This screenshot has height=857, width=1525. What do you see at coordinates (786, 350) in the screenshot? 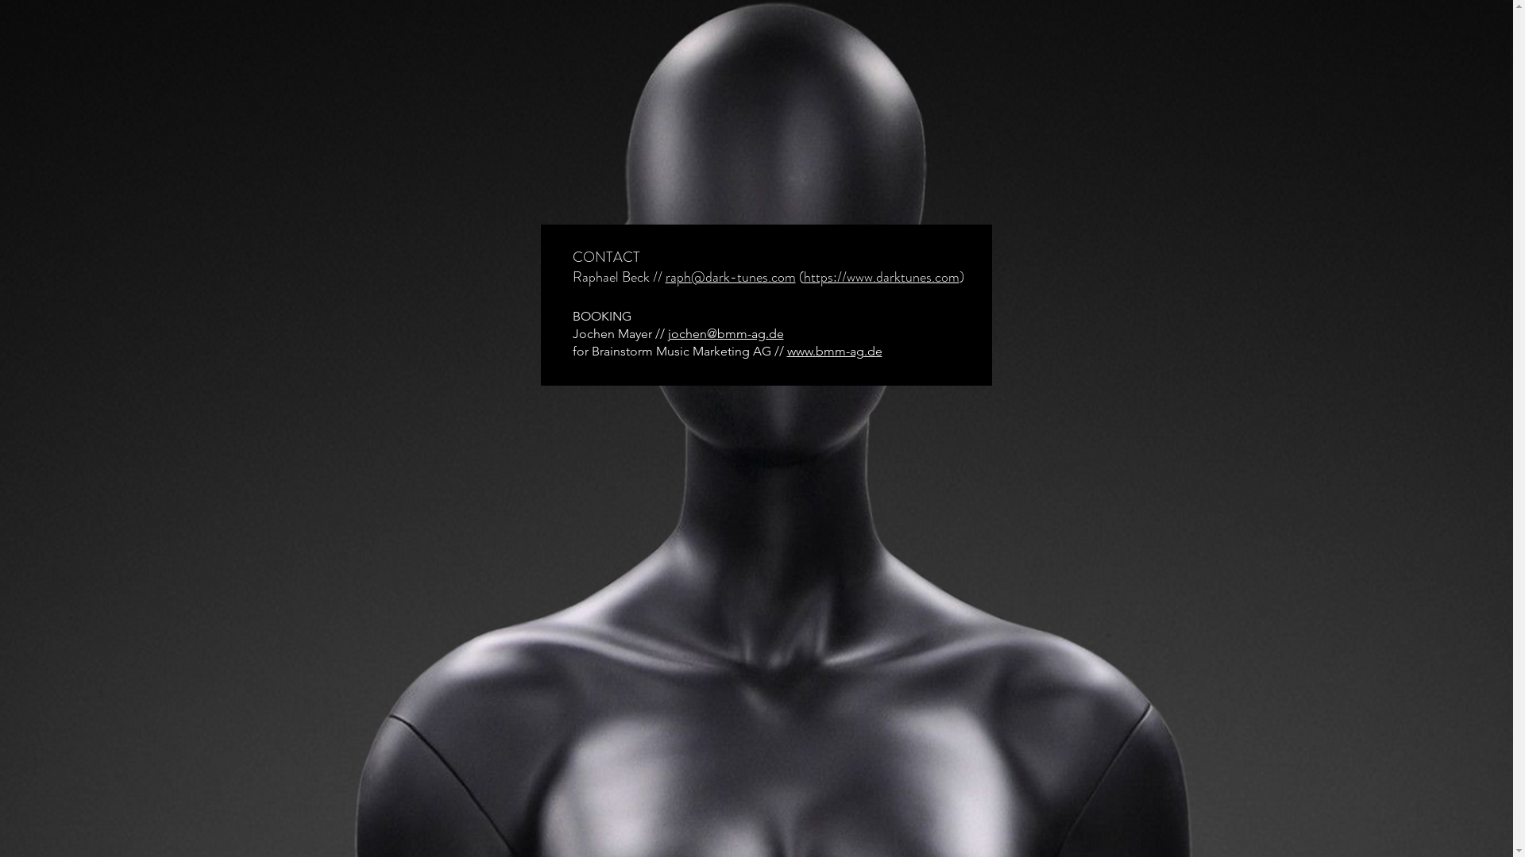
I see `'www.bmm-ag.de'` at bounding box center [786, 350].